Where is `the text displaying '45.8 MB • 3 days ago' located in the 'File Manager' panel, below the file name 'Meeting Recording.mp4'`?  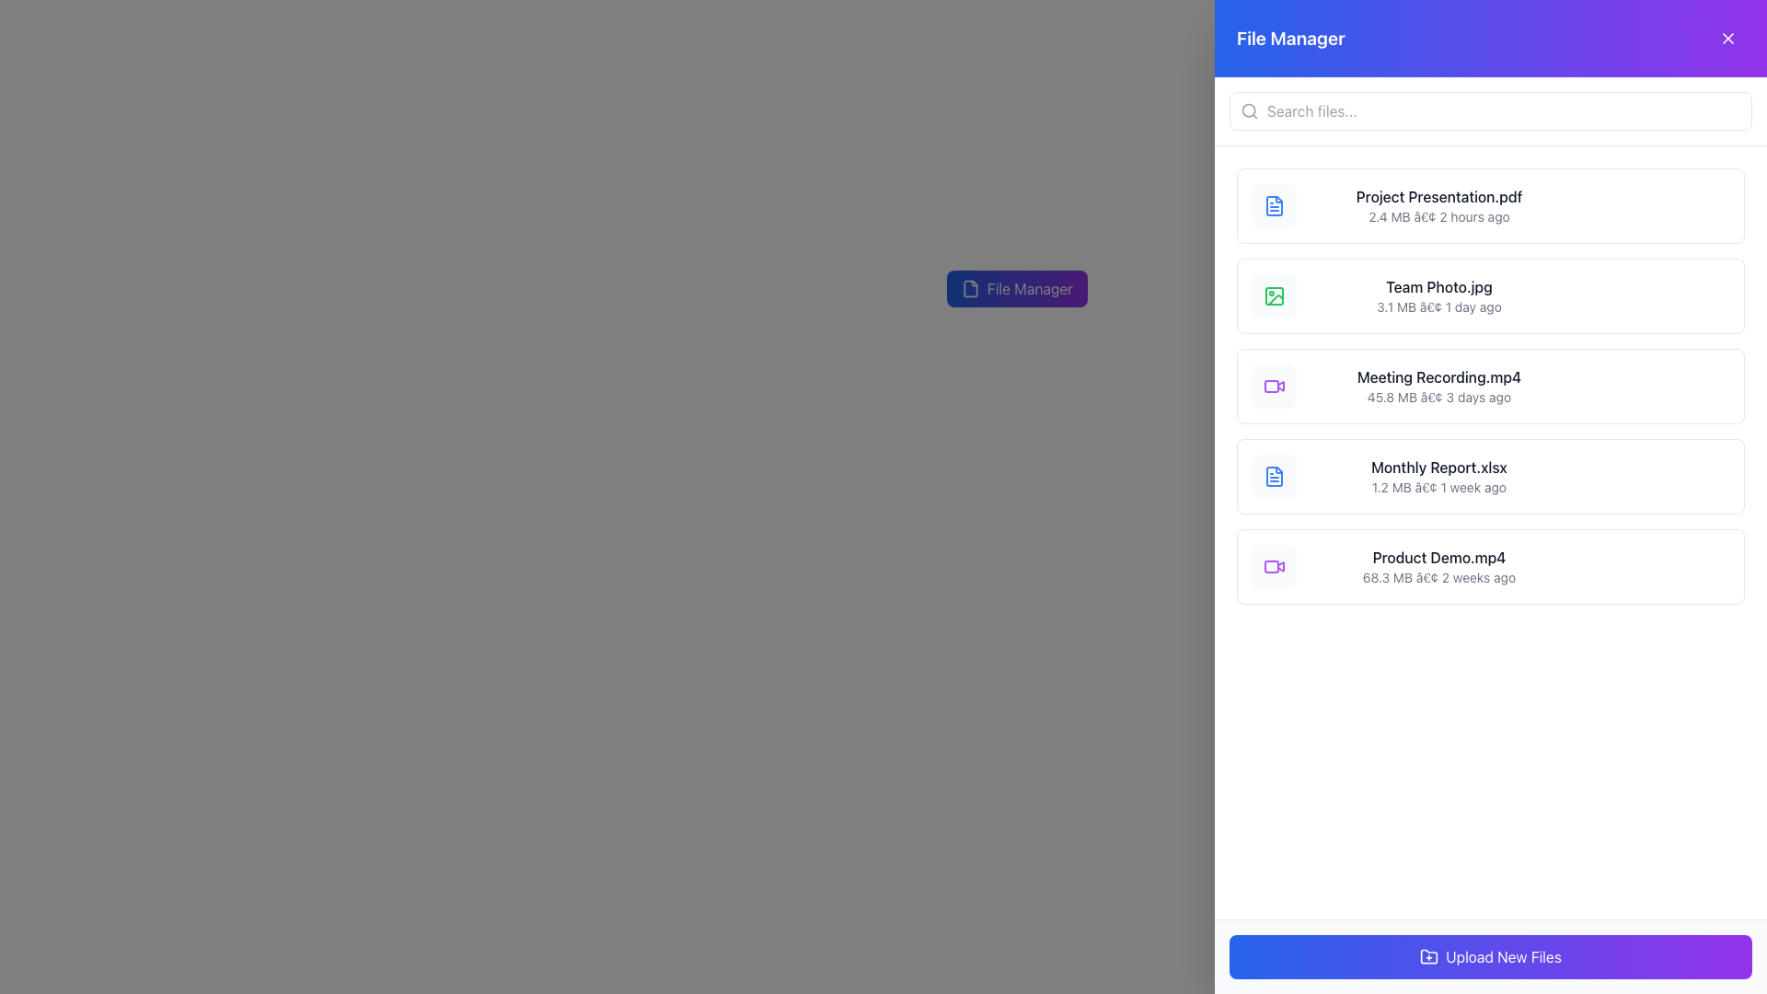
the text displaying '45.8 MB • 3 days ago' located in the 'File Manager' panel, below the file name 'Meeting Recording.mp4' is located at coordinates (1438, 397).